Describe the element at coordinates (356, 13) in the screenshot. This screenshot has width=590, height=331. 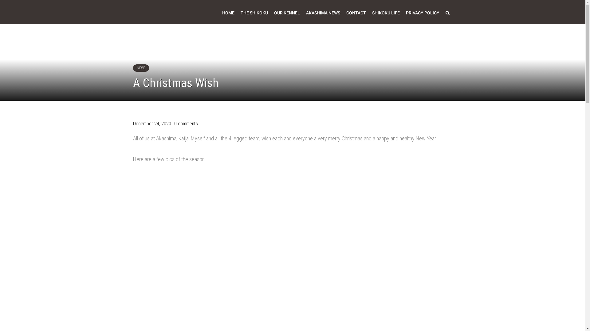
I see `'CONTACT'` at that location.